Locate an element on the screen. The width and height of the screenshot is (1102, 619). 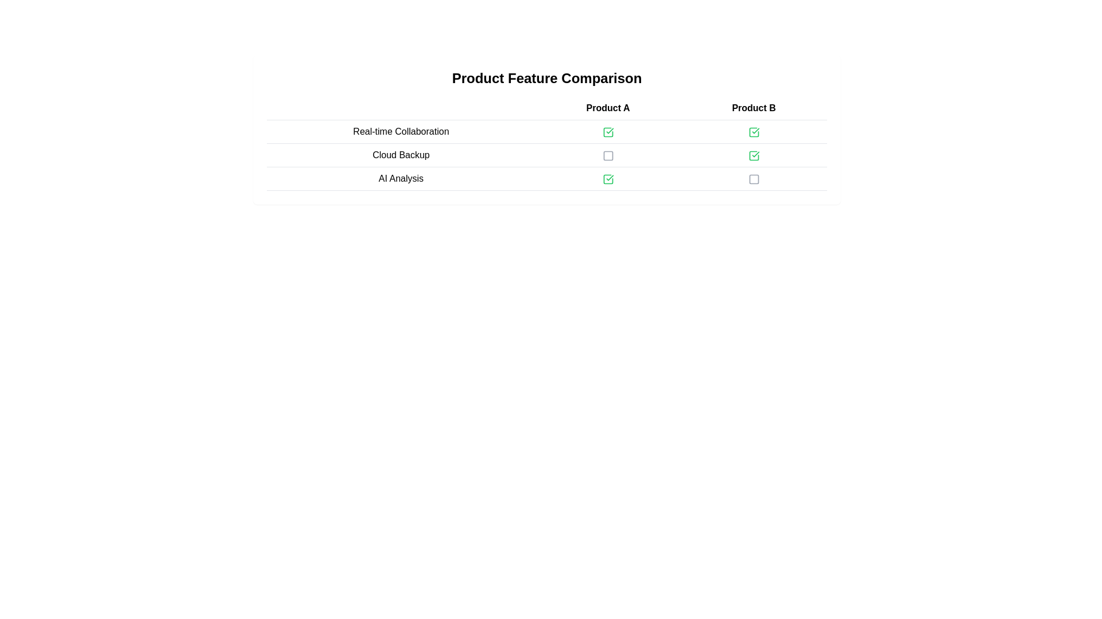
the checkbox icon representing the enabled state for the 'Real-time Collaboration' feature under 'Product B' in the comparison table is located at coordinates (754, 131).